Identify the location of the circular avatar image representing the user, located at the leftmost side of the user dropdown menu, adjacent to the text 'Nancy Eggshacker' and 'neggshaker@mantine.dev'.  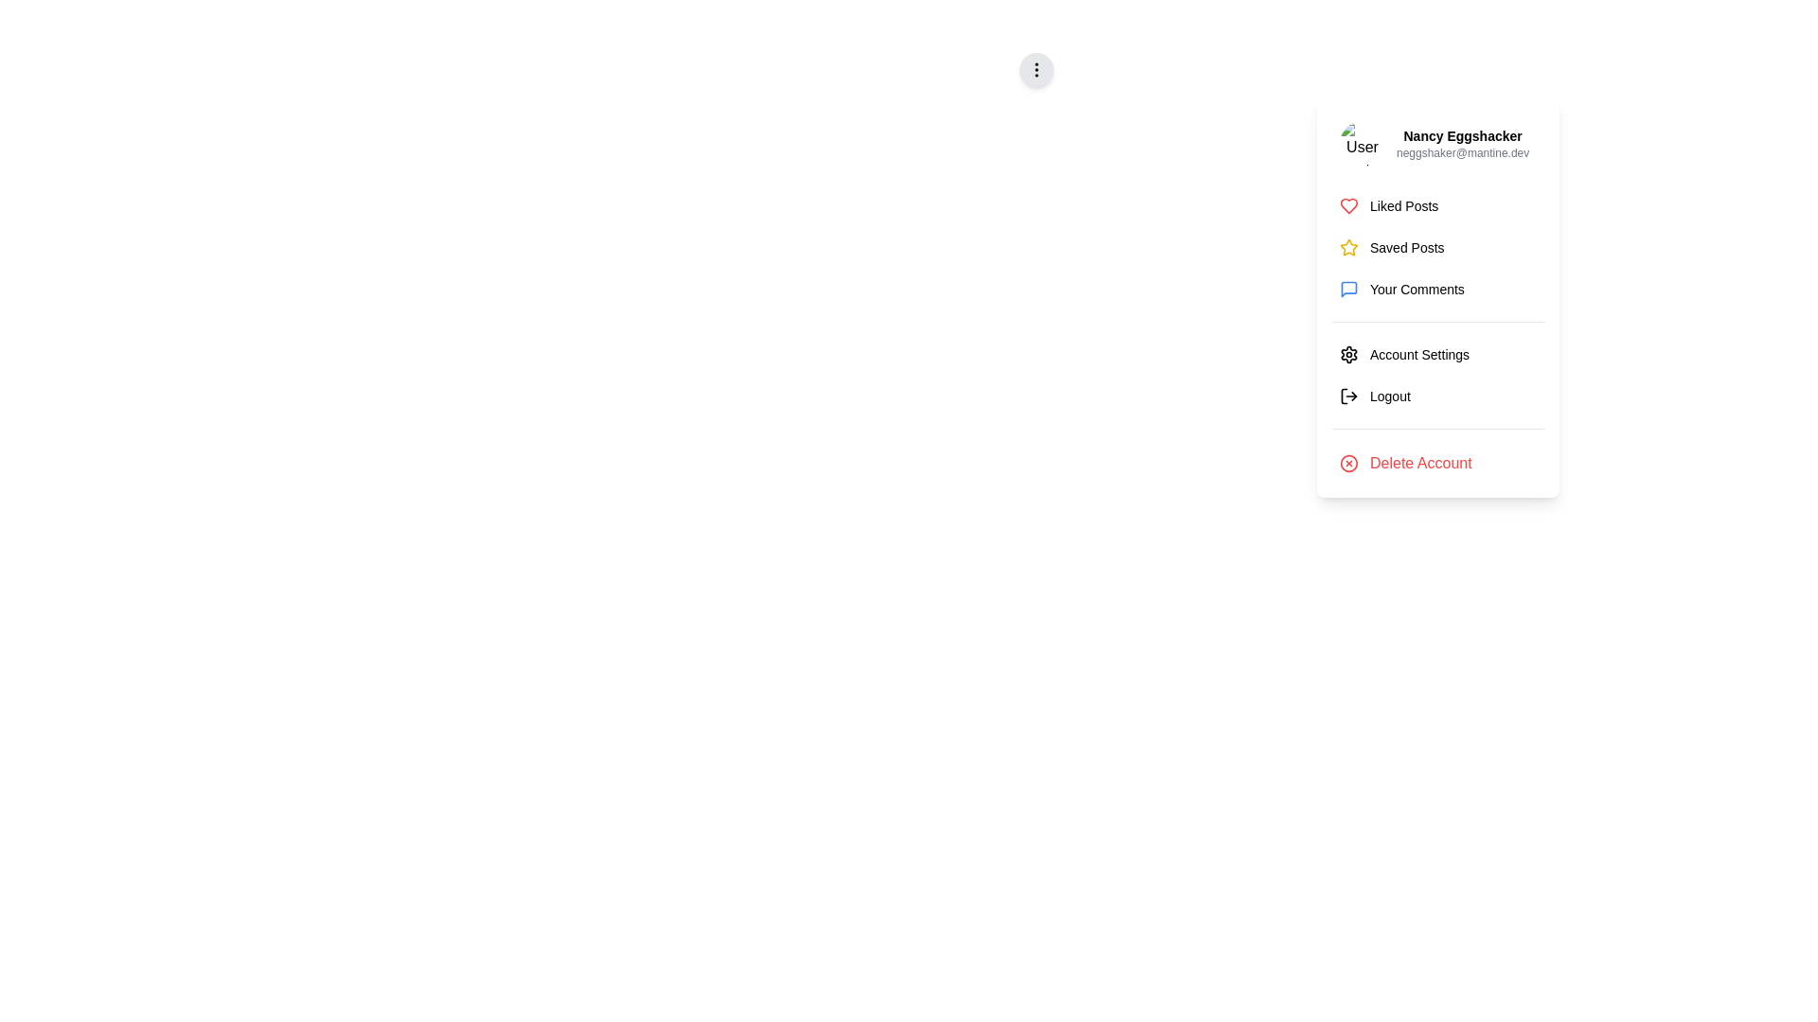
(1362, 142).